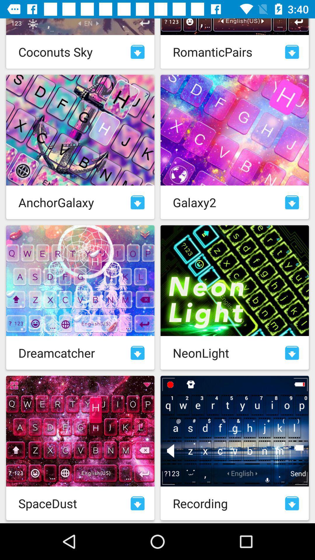  Describe the element at coordinates (137, 503) in the screenshot. I see `download theme` at that location.